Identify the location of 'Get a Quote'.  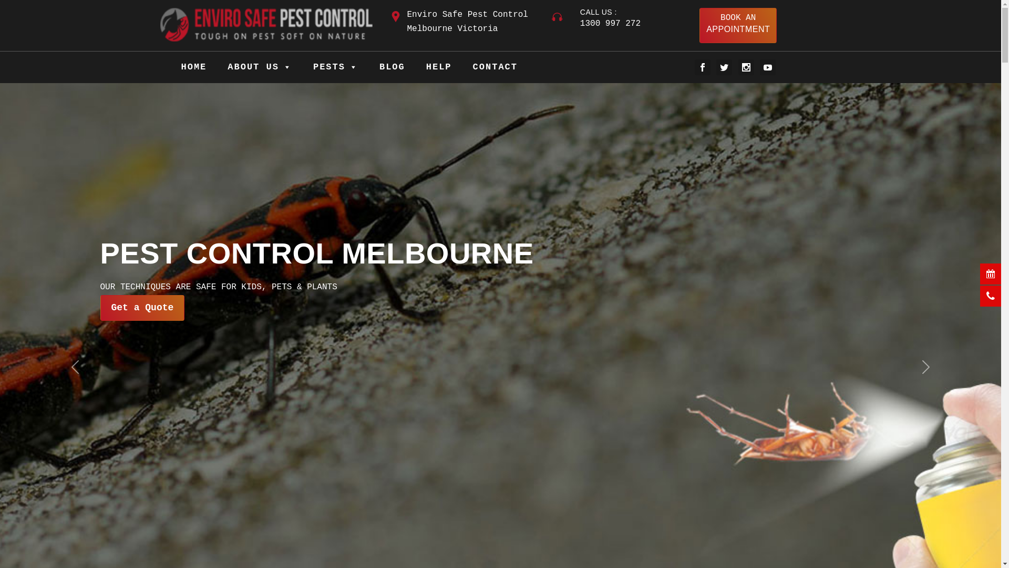
(100, 308).